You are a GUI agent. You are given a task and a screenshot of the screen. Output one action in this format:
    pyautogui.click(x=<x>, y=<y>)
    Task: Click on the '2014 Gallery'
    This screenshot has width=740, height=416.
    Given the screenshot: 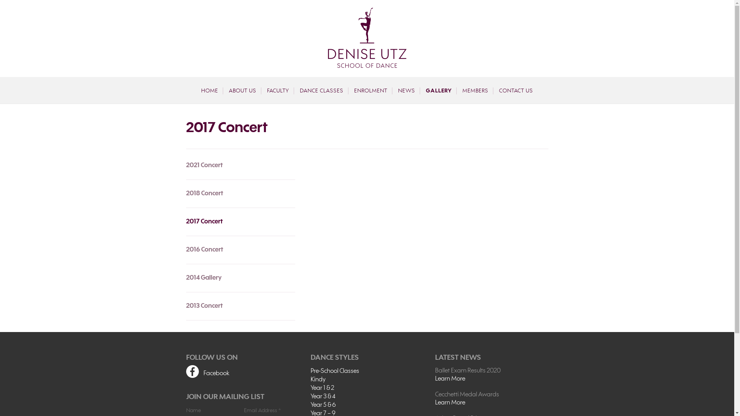 What is the action you would take?
    pyautogui.click(x=240, y=278)
    